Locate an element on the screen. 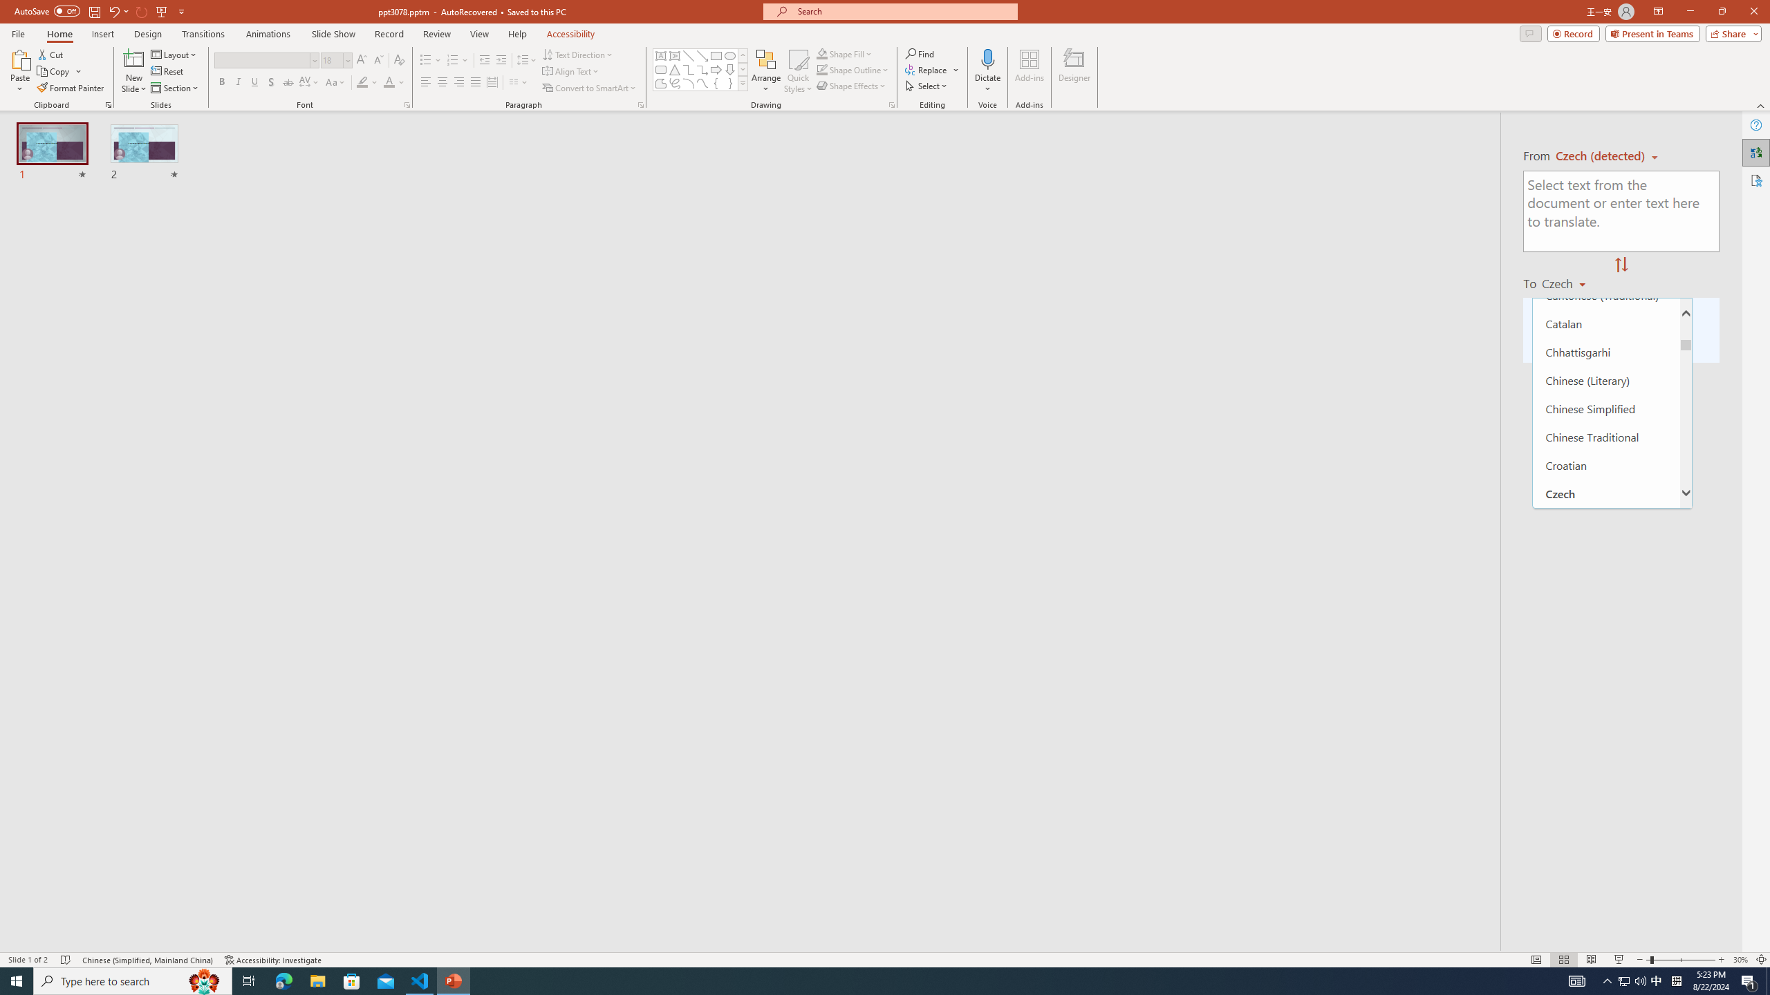 The image size is (1770, 995). 'Shape Fill Dark Green, Accent 2' is located at coordinates (822, 53).